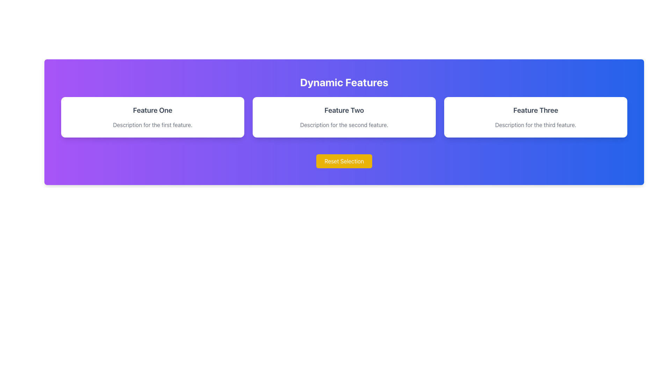 This screenshot has height=377, width=671. What do you see at coordinates (152, 125) in the screenshot?
I see `information displayed in the text block that says 'Description for the first feature.' located below the title 'Feature One.'` at bounding box center [152, 125].